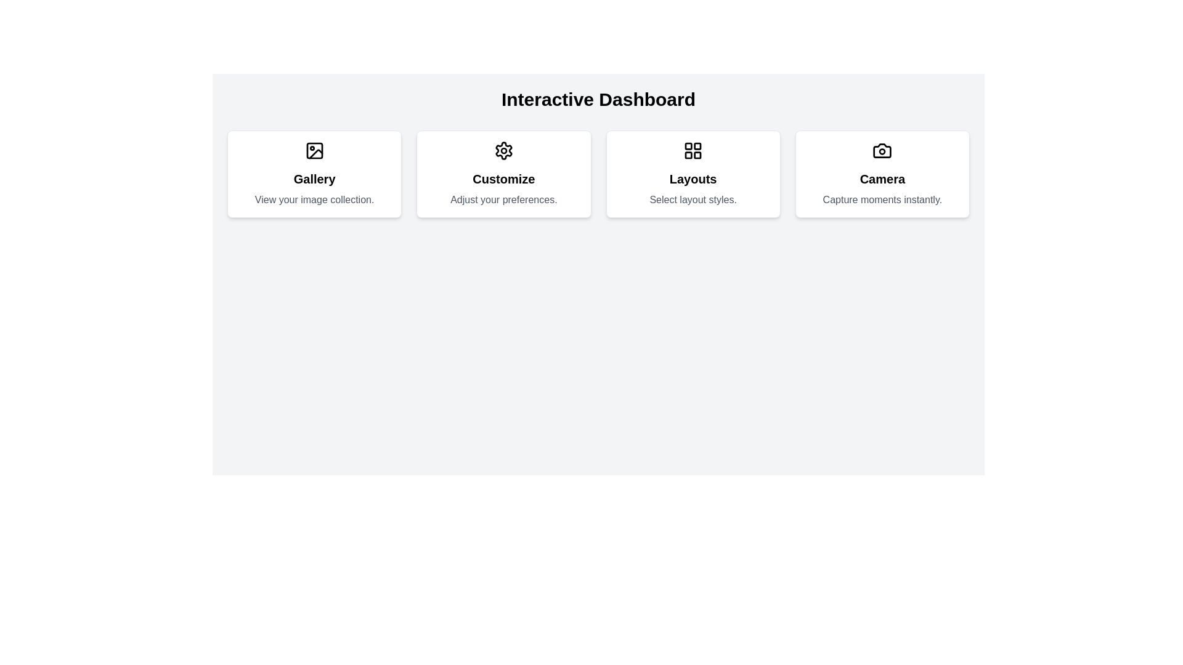 This screenshot has height=665, width=1183. What do you see at coordinates (314, 150) in the screenshot?
I see `the 'Gallery' icon located at the top-center of the first card in the row` at bounding box center [314, 150].